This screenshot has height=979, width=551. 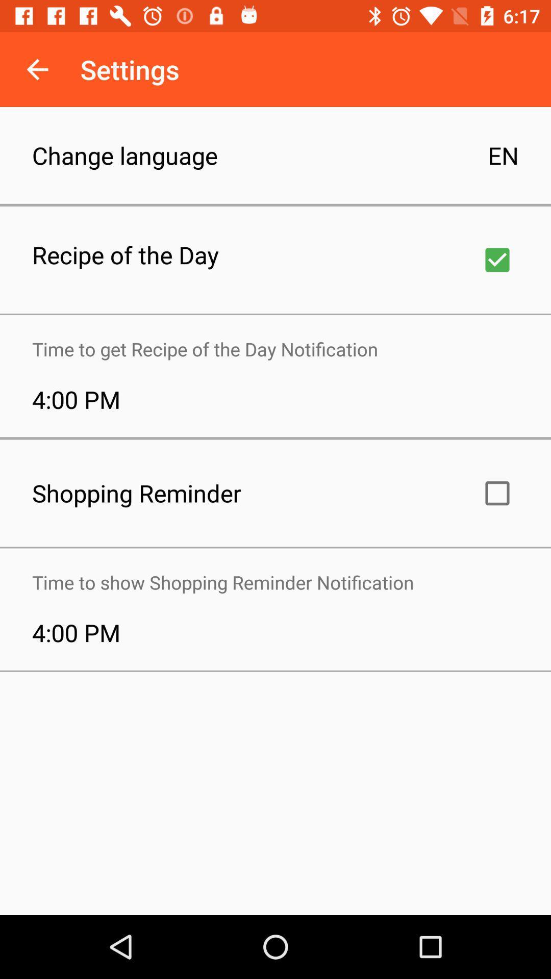 What do you see at coordinates (497, 260) in the screenshot?
I see `button to check` at bounding box center [497, 260].